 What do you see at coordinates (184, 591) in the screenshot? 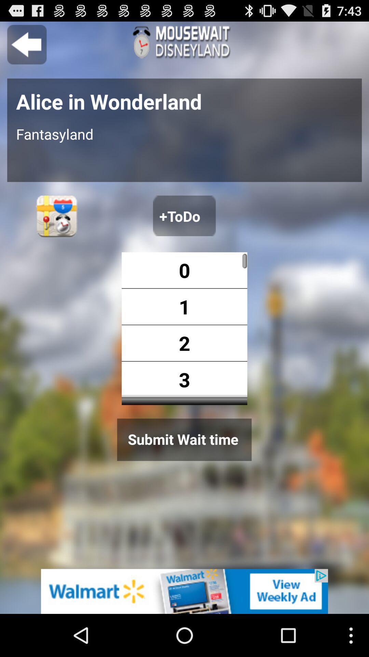
I see `advertisement` at bounding box center [184, 591].